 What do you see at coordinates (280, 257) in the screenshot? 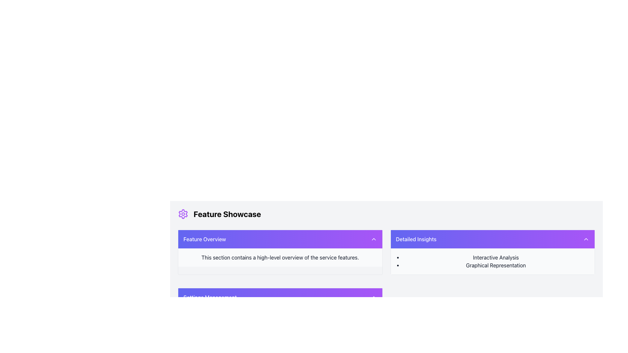
I see `text block containing the message 'This section contains a high-level overview of the service features.' located below the 'Feature Overview' header` at bounding box center [280, 257].